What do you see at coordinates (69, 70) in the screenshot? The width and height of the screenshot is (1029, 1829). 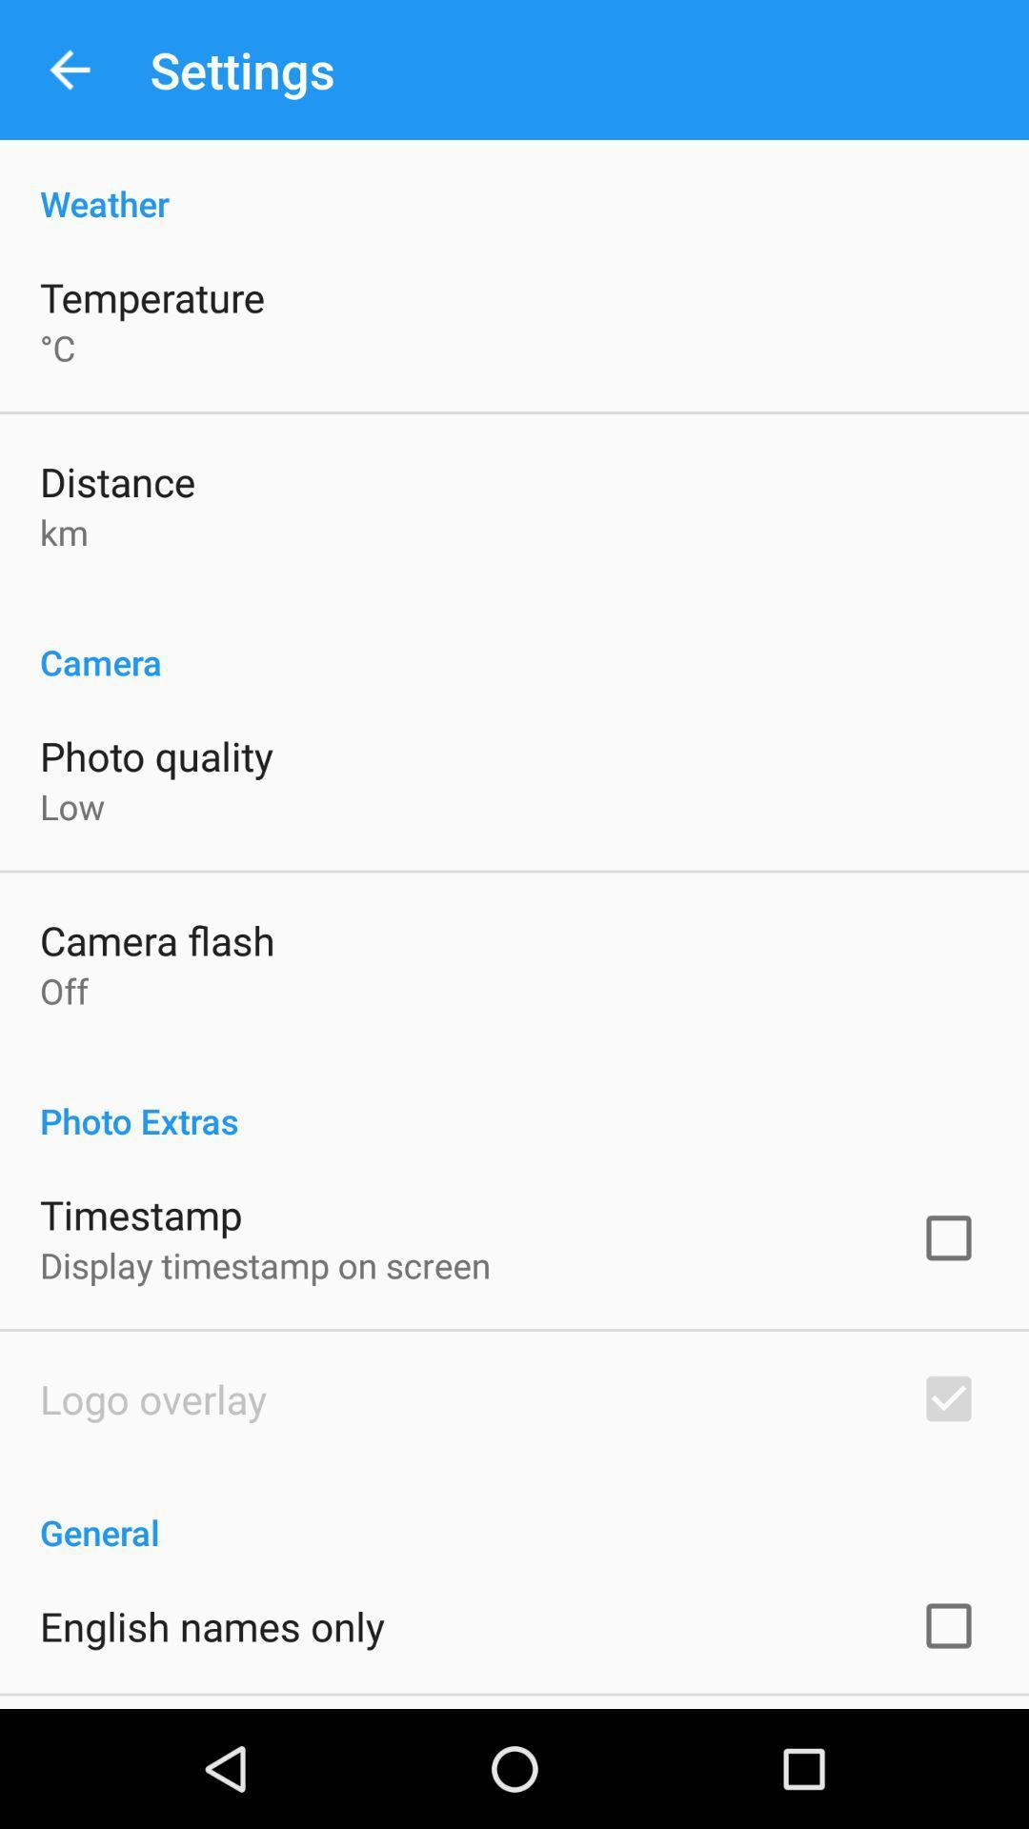 I see `previous` at bounding box center [69, 70].